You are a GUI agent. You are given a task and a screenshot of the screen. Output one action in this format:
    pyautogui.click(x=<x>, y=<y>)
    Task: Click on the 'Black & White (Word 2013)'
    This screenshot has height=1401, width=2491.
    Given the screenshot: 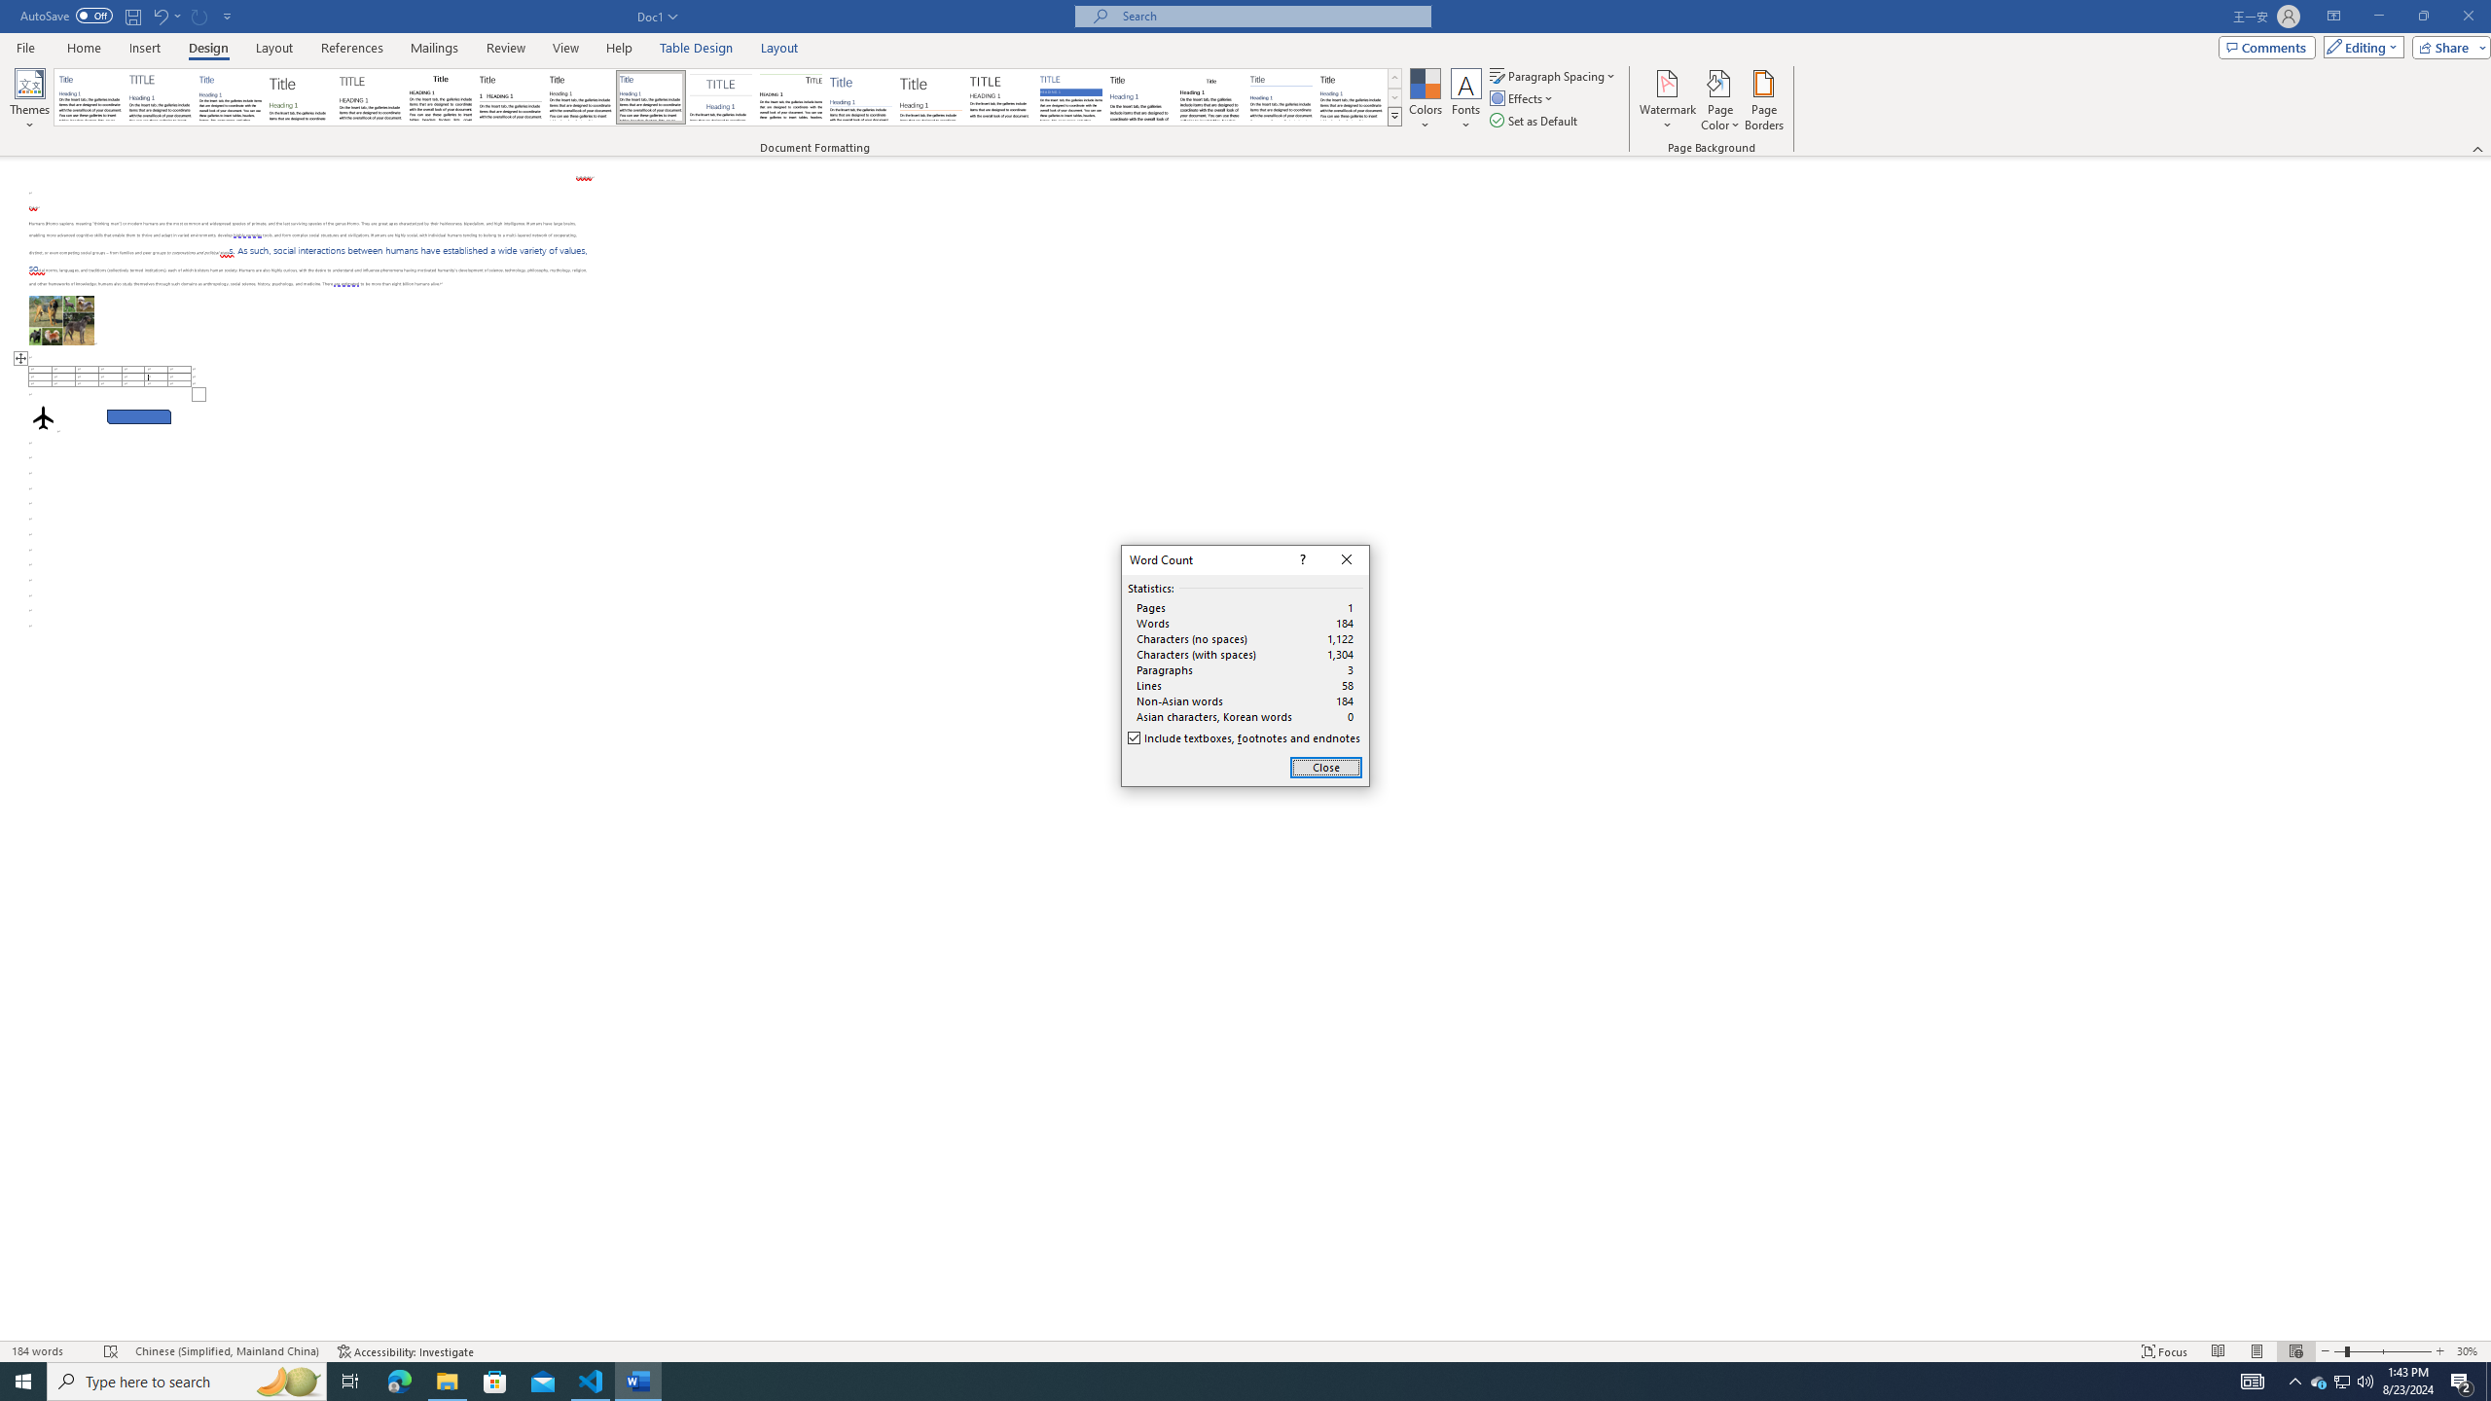 What is the action you would take?
    pyautogui.click(x=579, y=96)
    